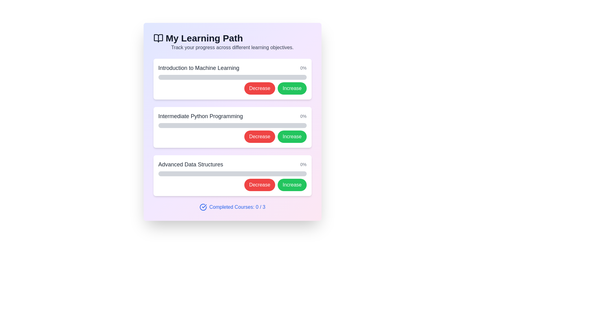 This screenshot has height=334, width=593. What do you see at coordinates (232, 127) in the screenshot?
I see `the progress bar of the 'Intermediate Python Programming' module` at bounding box center [232, 127].